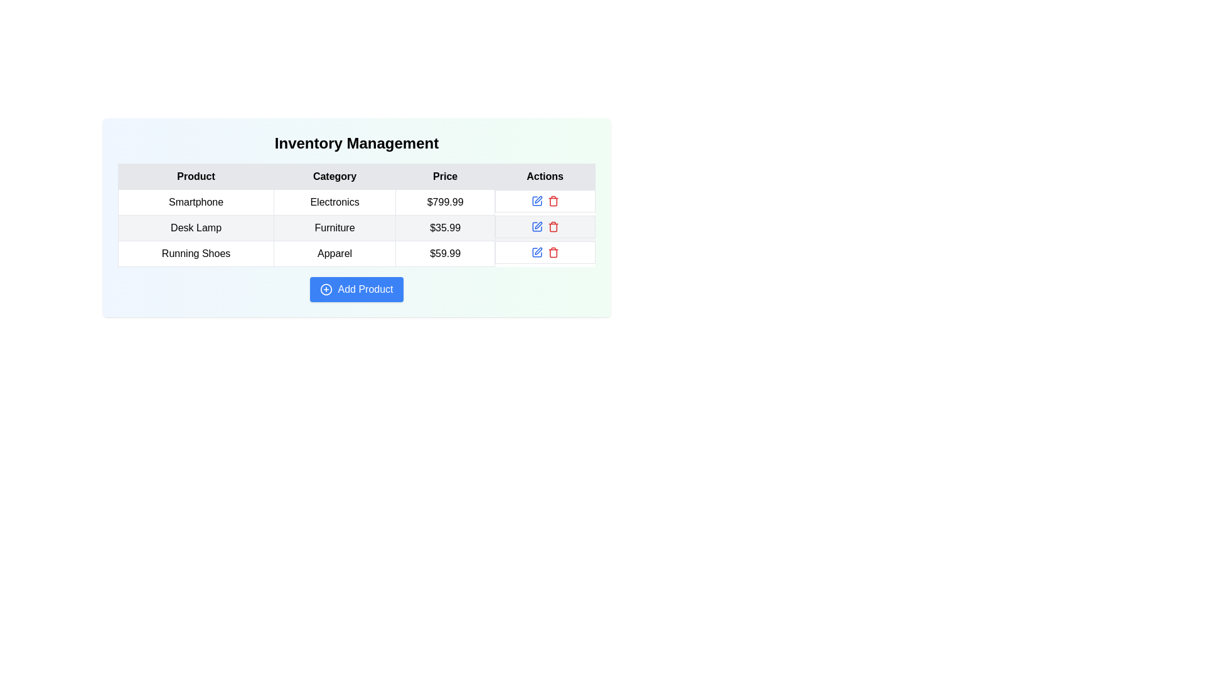 The image size is (1205, 677). Describe the element at coordinates (356, 254) in the screenshot. I see `table cell in the third row under the 'Category' column displaying the text 'Apparel' for text purposes` at that location.